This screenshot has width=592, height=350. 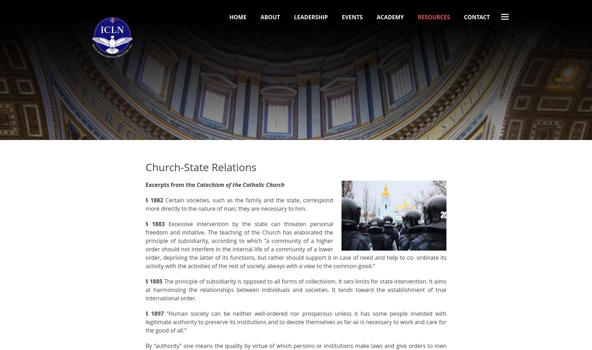 I want to click on 'Catechism of the Catholic Church', so click(x=197, y=185).